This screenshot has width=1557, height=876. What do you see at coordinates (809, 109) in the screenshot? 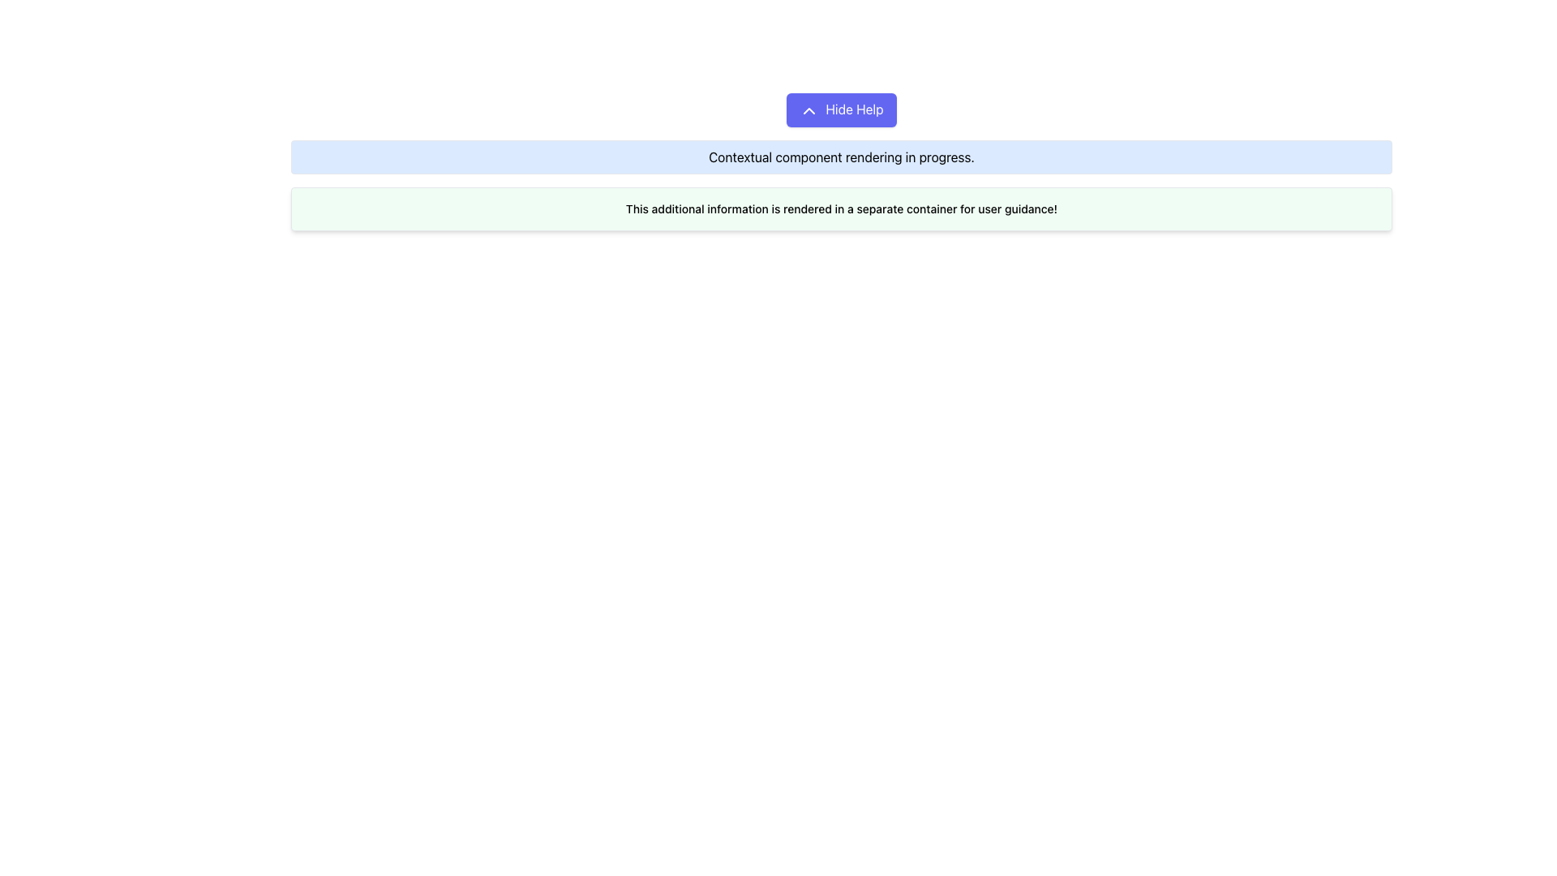
I see `the small chevron-shaped icon resembling an upward arrow located within the blue button labeled 'Hide Help.'` at bounding box center [809, 109].